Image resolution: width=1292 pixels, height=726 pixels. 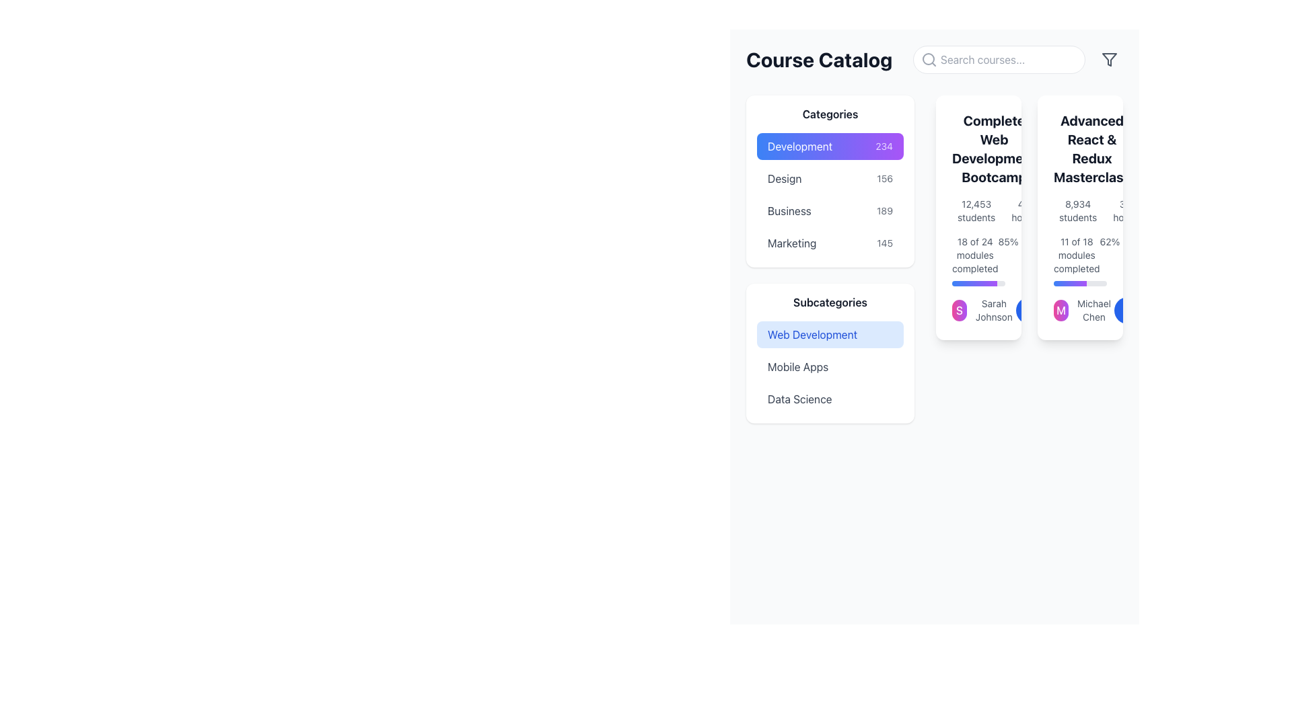 I want to click on the text label element displaying the word 'Design', which is the second item in the vertical list under the 'Categories' header, so click(x=785, y=178).